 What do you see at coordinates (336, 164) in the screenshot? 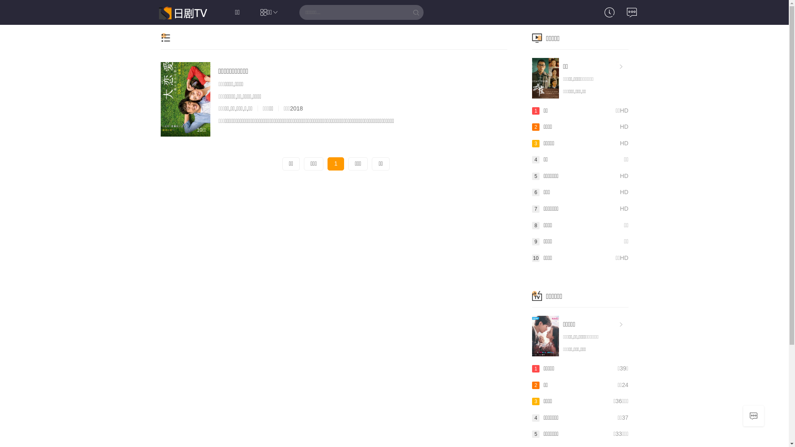
I see `'1'` at bounding box center [336, 164].